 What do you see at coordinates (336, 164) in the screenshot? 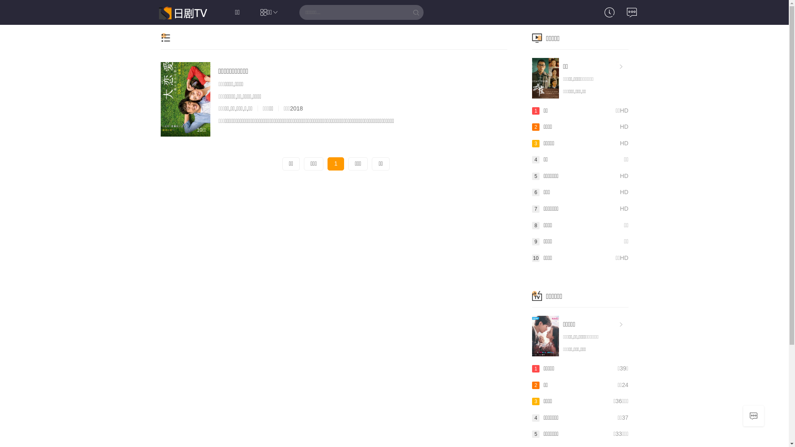
I see `'1'` at bounding box center [336, 164].